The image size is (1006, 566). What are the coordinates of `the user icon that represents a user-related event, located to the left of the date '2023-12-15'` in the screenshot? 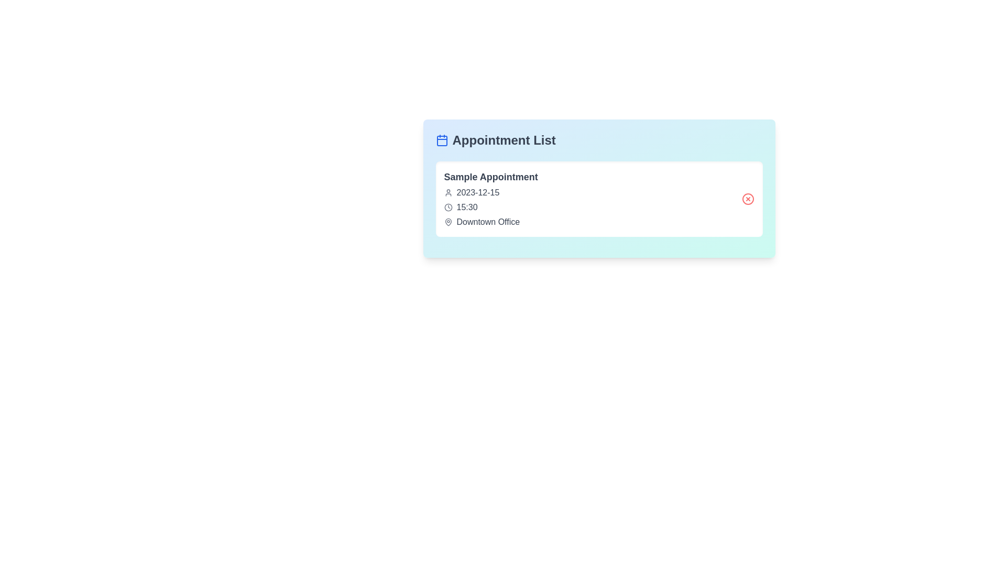 It's located at (448, 192).